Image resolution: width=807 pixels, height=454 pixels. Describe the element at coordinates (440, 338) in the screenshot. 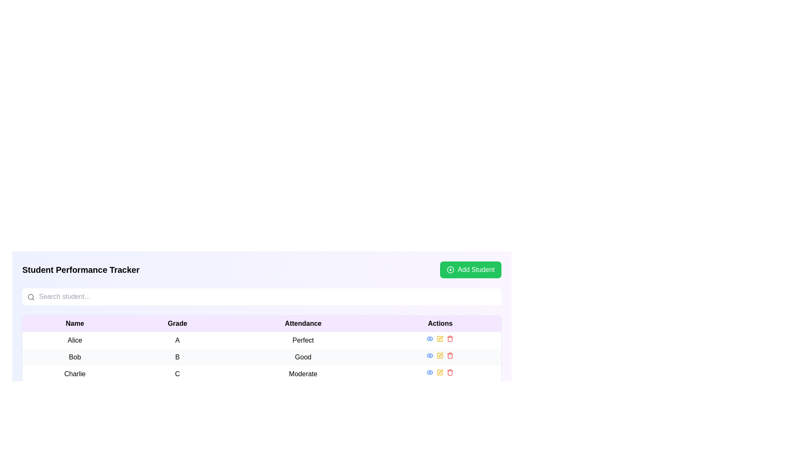

I see `the edit action icon located in the Action column of the table associated with student Alice, which is styled with fine outlines and is a square shape` at that location.